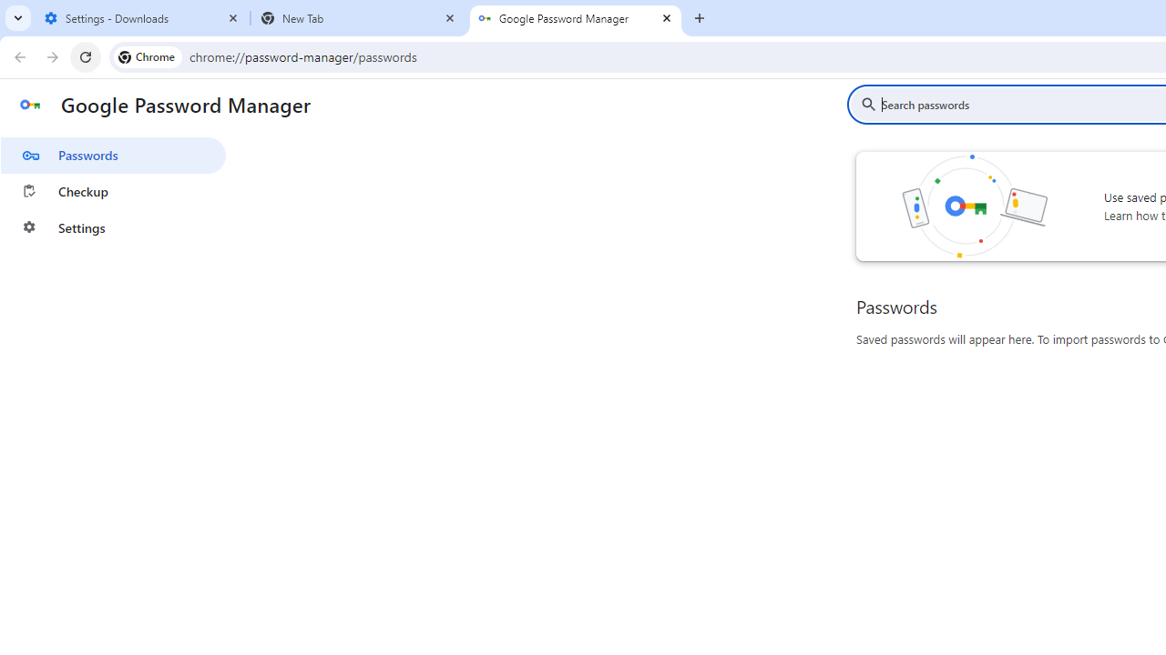  I want to click on 'Checkup', so click(112, 191).